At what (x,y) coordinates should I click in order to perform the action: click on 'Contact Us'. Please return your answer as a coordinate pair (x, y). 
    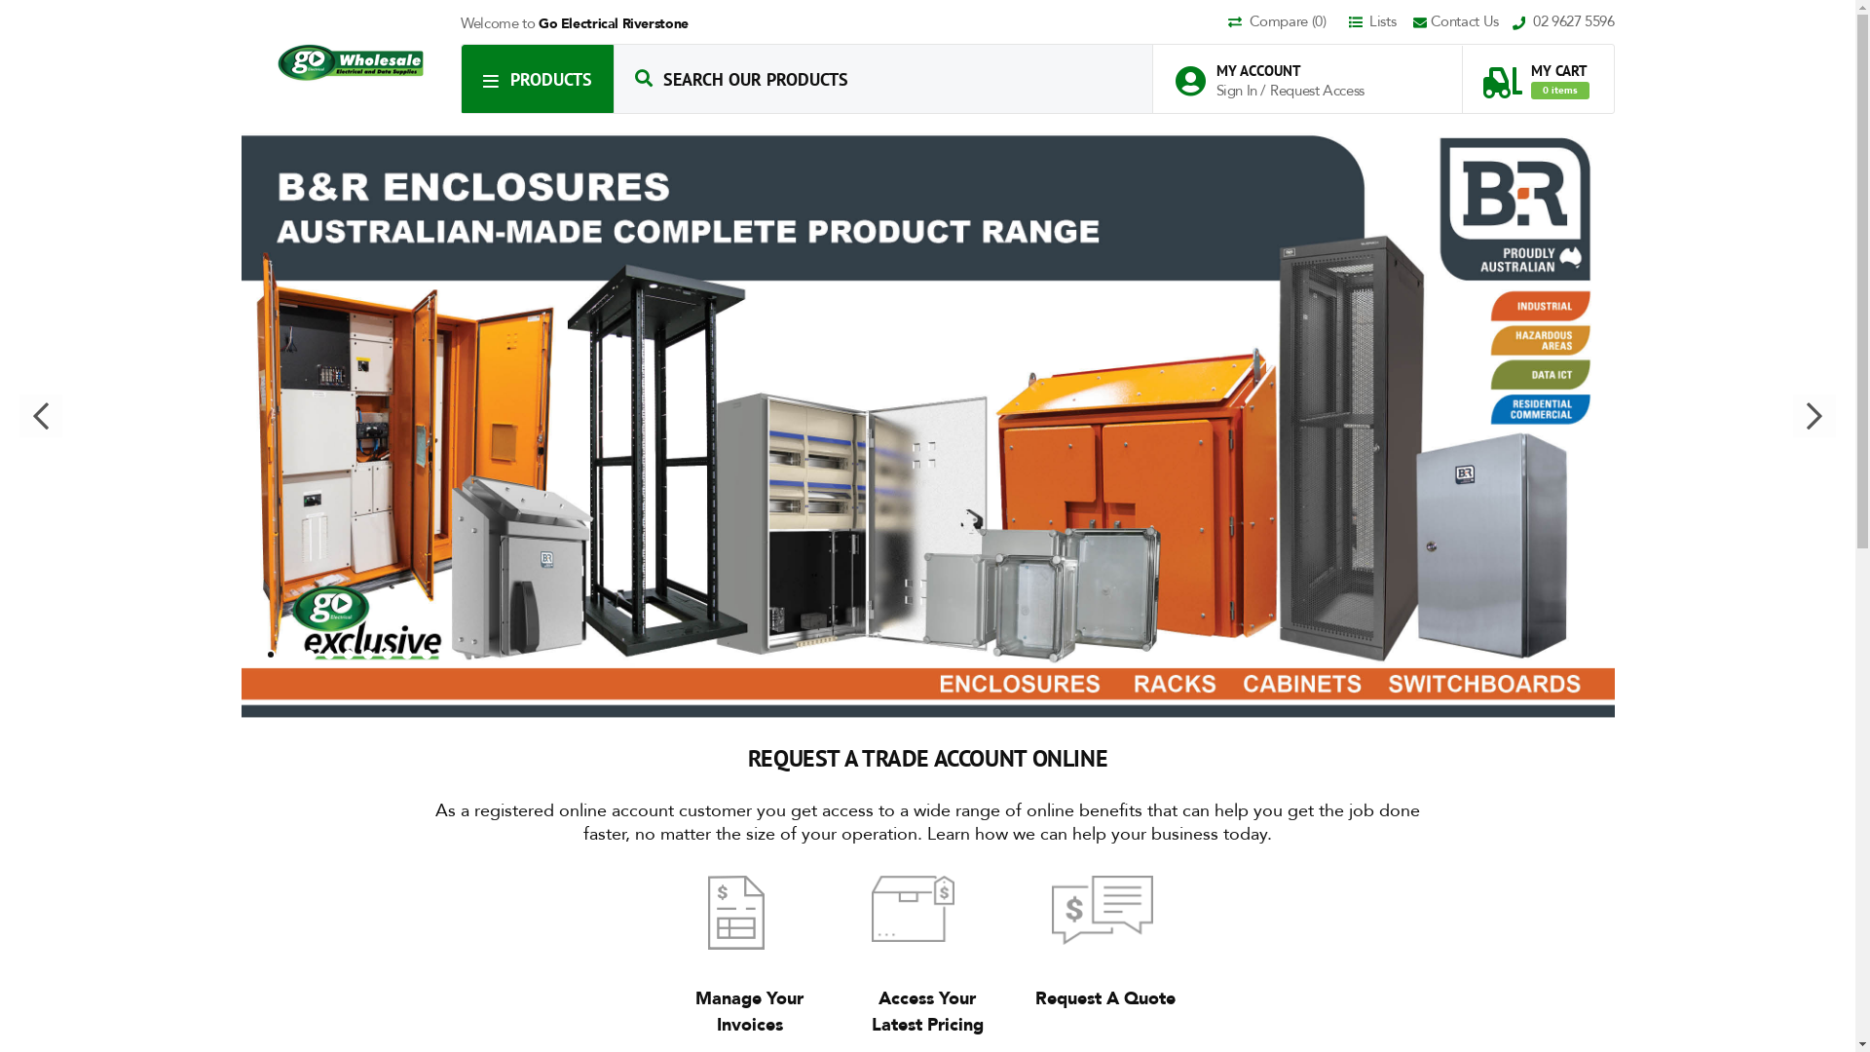
    Looking at the image, I should click on (1412, 22).